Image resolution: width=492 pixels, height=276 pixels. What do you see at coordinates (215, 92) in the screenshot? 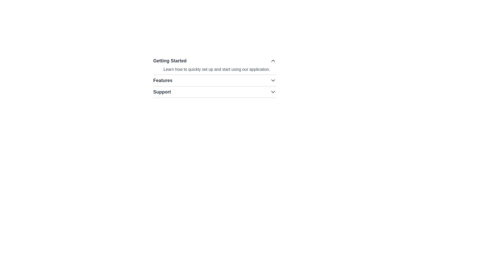
I see `the 'Support' dropdown menu item, which is the third option in a vertical list` at bounding box center [215, 92].